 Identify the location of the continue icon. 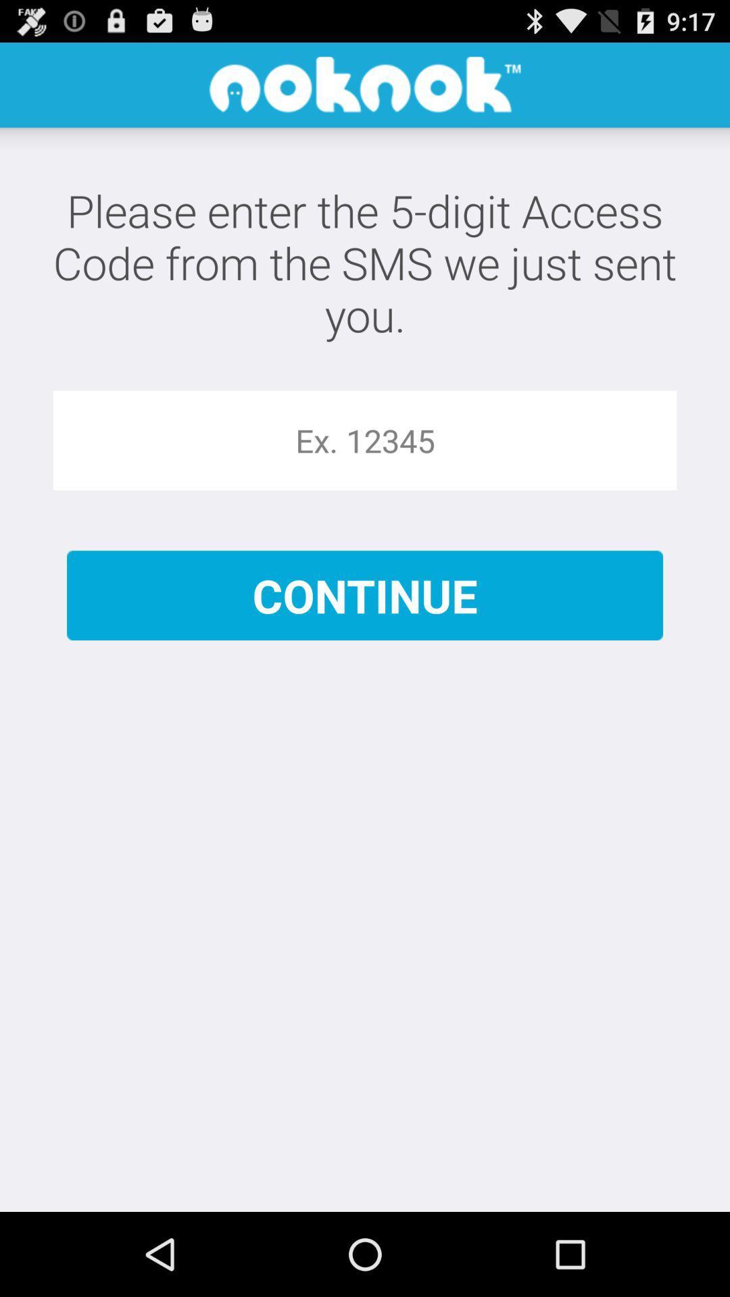
(365, 594).